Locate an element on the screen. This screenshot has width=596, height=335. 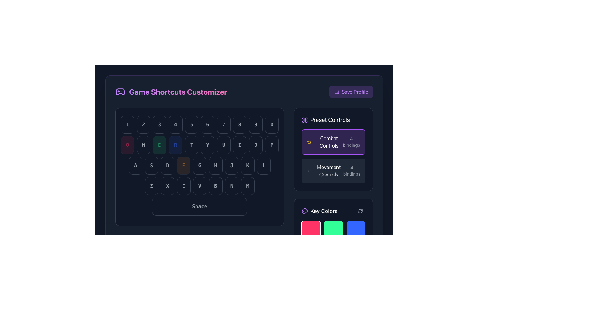
the 'Space' key button in the virtual keyboard interface to trigger hover effects is located at coordinates (200, 207).